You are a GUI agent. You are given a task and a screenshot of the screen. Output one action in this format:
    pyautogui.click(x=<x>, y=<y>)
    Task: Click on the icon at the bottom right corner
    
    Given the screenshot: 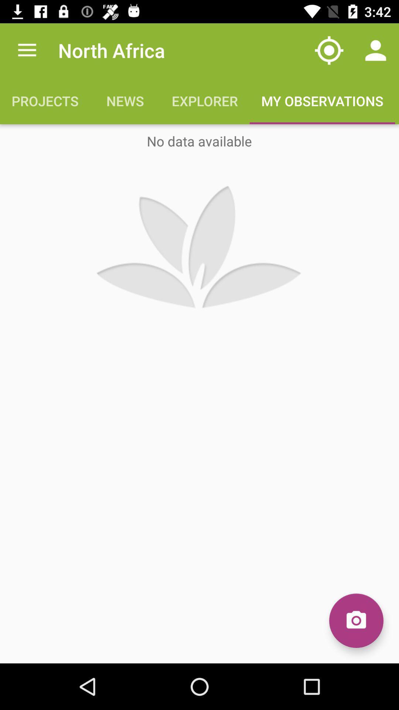 What is the action you would take?
    pyautogui.click(x=356, y=621)
    